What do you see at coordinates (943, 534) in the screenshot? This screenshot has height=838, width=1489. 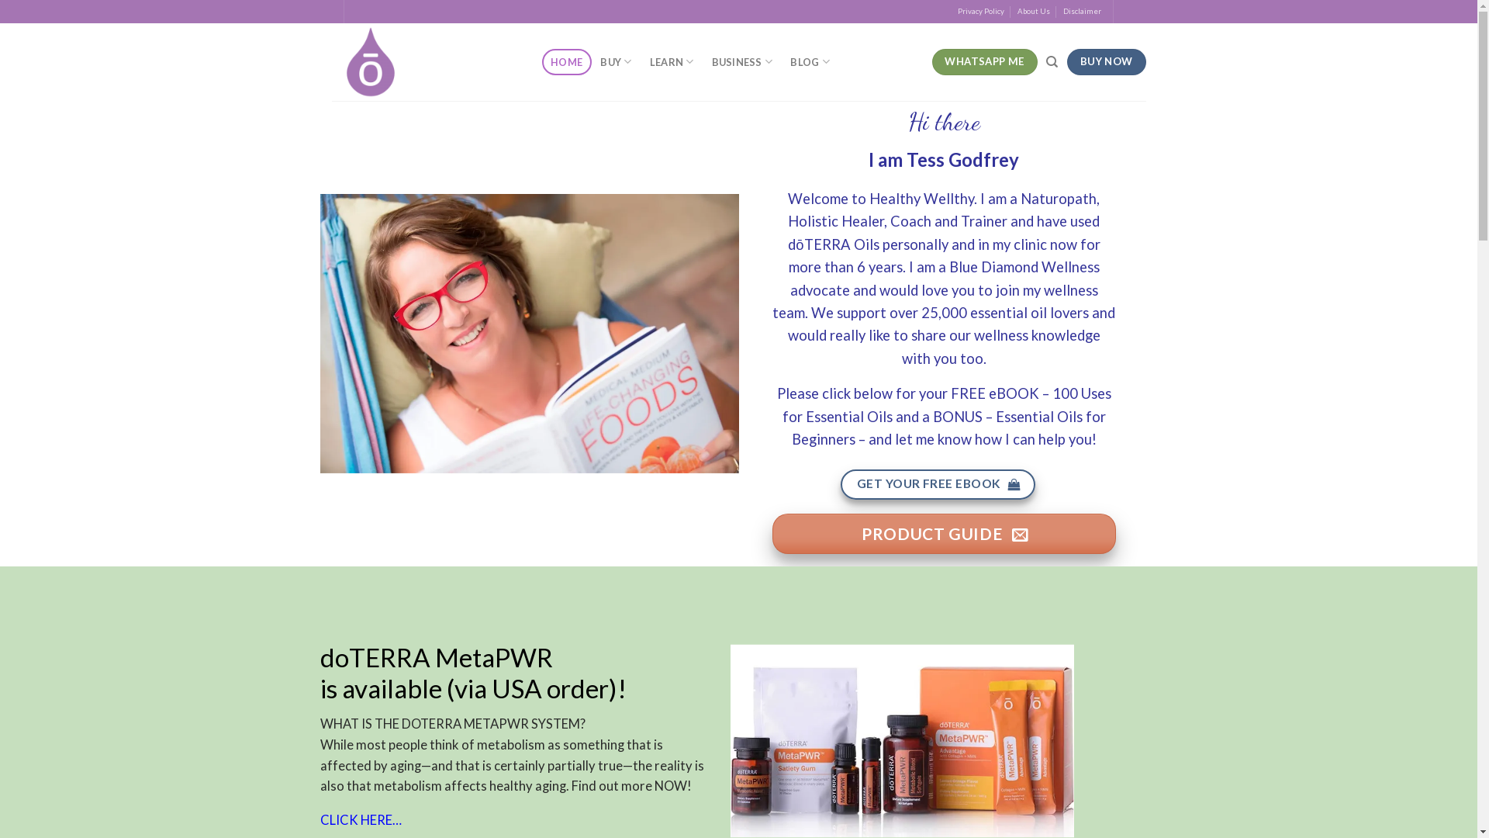 I see `'PRODUCT GUIDE'` at bounding box center [943, 534].